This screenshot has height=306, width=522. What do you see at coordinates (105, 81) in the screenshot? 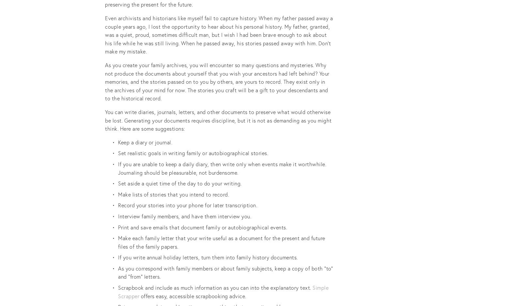
I see `'As you create your family archives, you will encounter so many questions and mysteries. Why not produce the documents about yourself that you wish your ancestors had left behind? Your memories, and the stories passed on to you by others, are yours to record. They exist only in the archives of your mind for now. The stories you craft will be a gift to your descendants and to the historical record.'` at bounding box center [105, 81].